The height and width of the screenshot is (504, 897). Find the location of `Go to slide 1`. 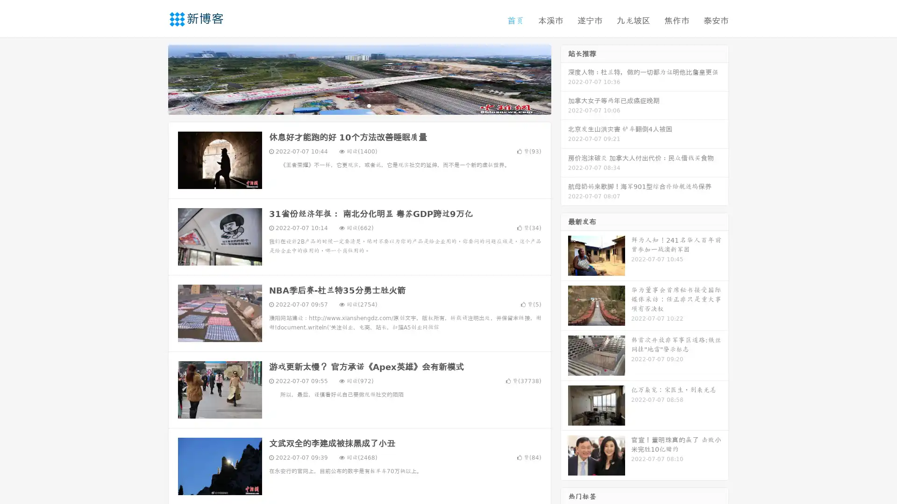

Go to slide 1 is located at coordinates (349, 105).